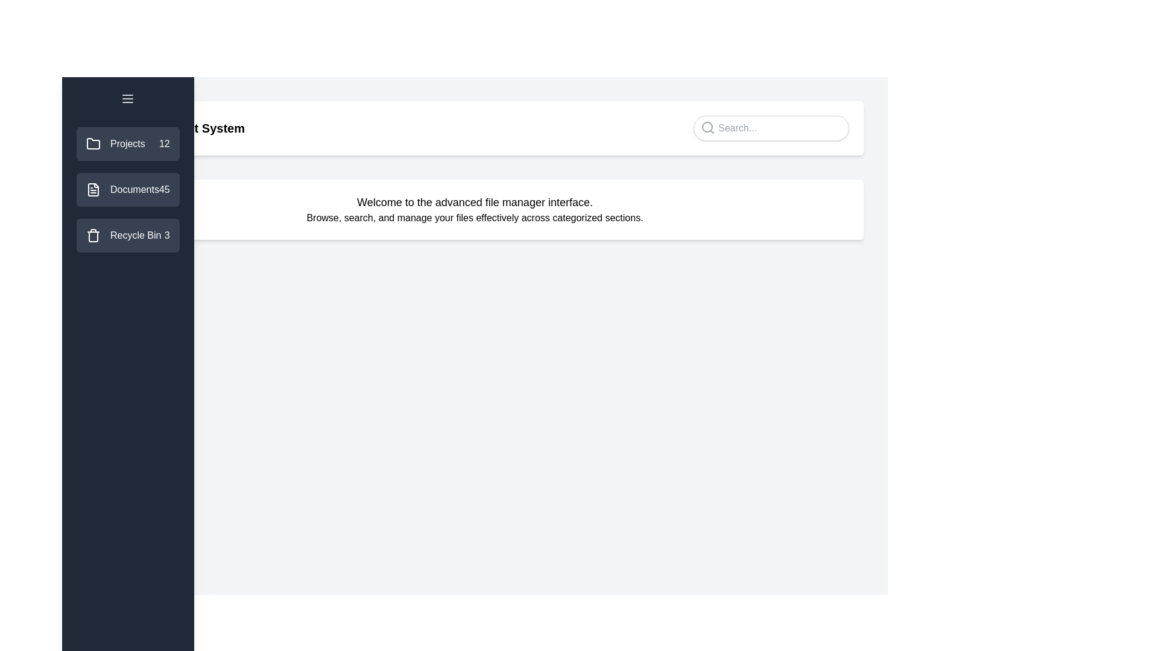 The width and height of the screenshot is (1158, 651). I want to click on the category Projects in the sidebar, so click(127, 143).